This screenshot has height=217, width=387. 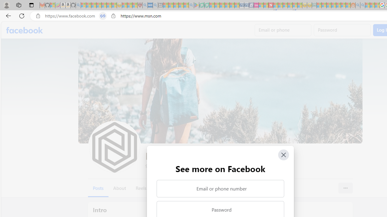 I want to click on 'Email or phone number', so click(x=220, y=188).